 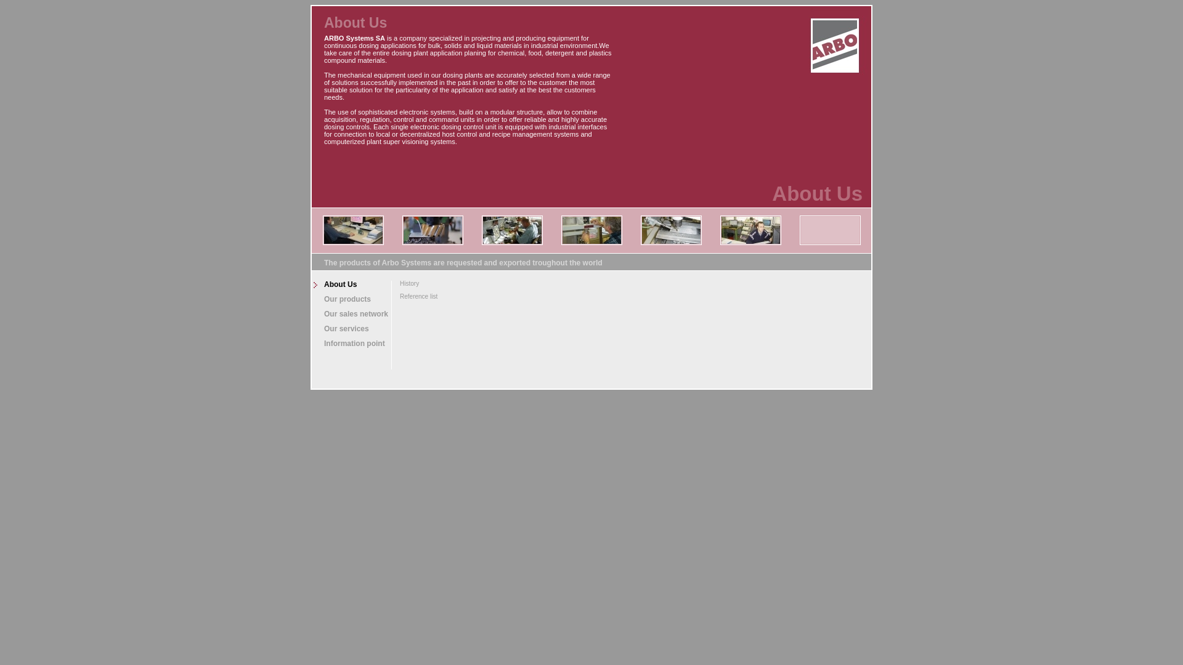 What do you see at coordinates (351, 328) in the screenshot?
I see `'Our services'` at bounding box center [351, 328].